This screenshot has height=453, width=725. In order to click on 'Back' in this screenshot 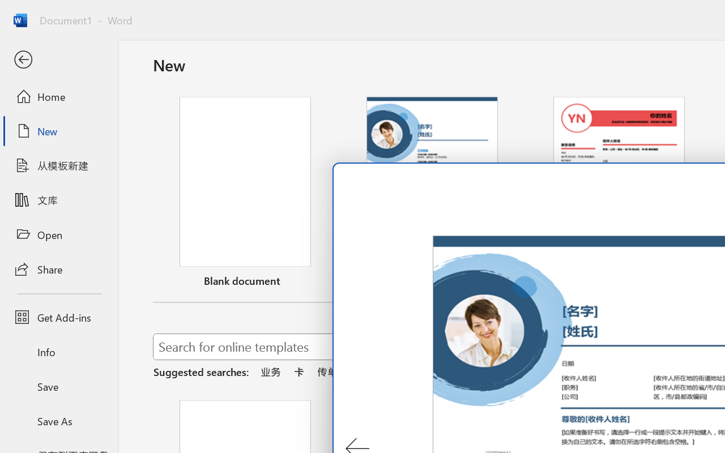, I will do `click(58, 59)`.